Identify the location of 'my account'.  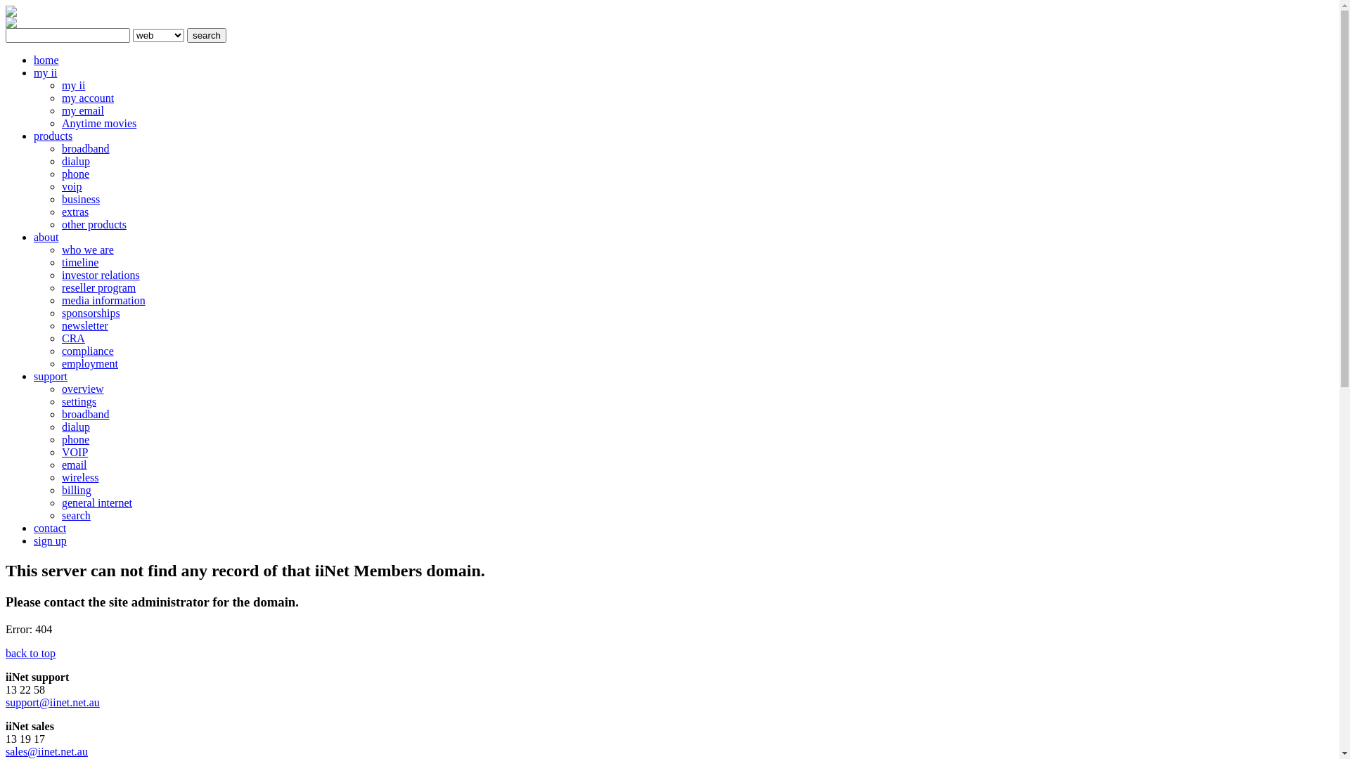
(60, 97).